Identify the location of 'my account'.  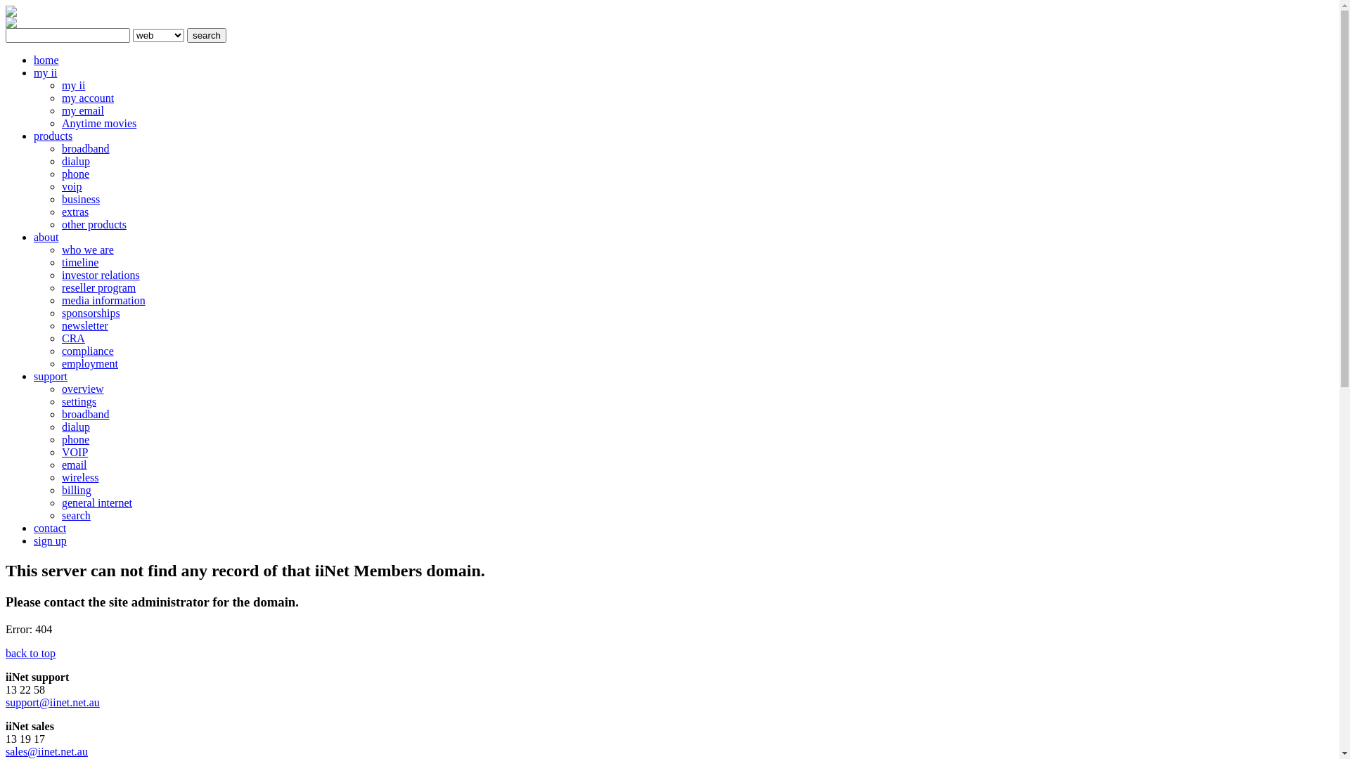
(60, 97).